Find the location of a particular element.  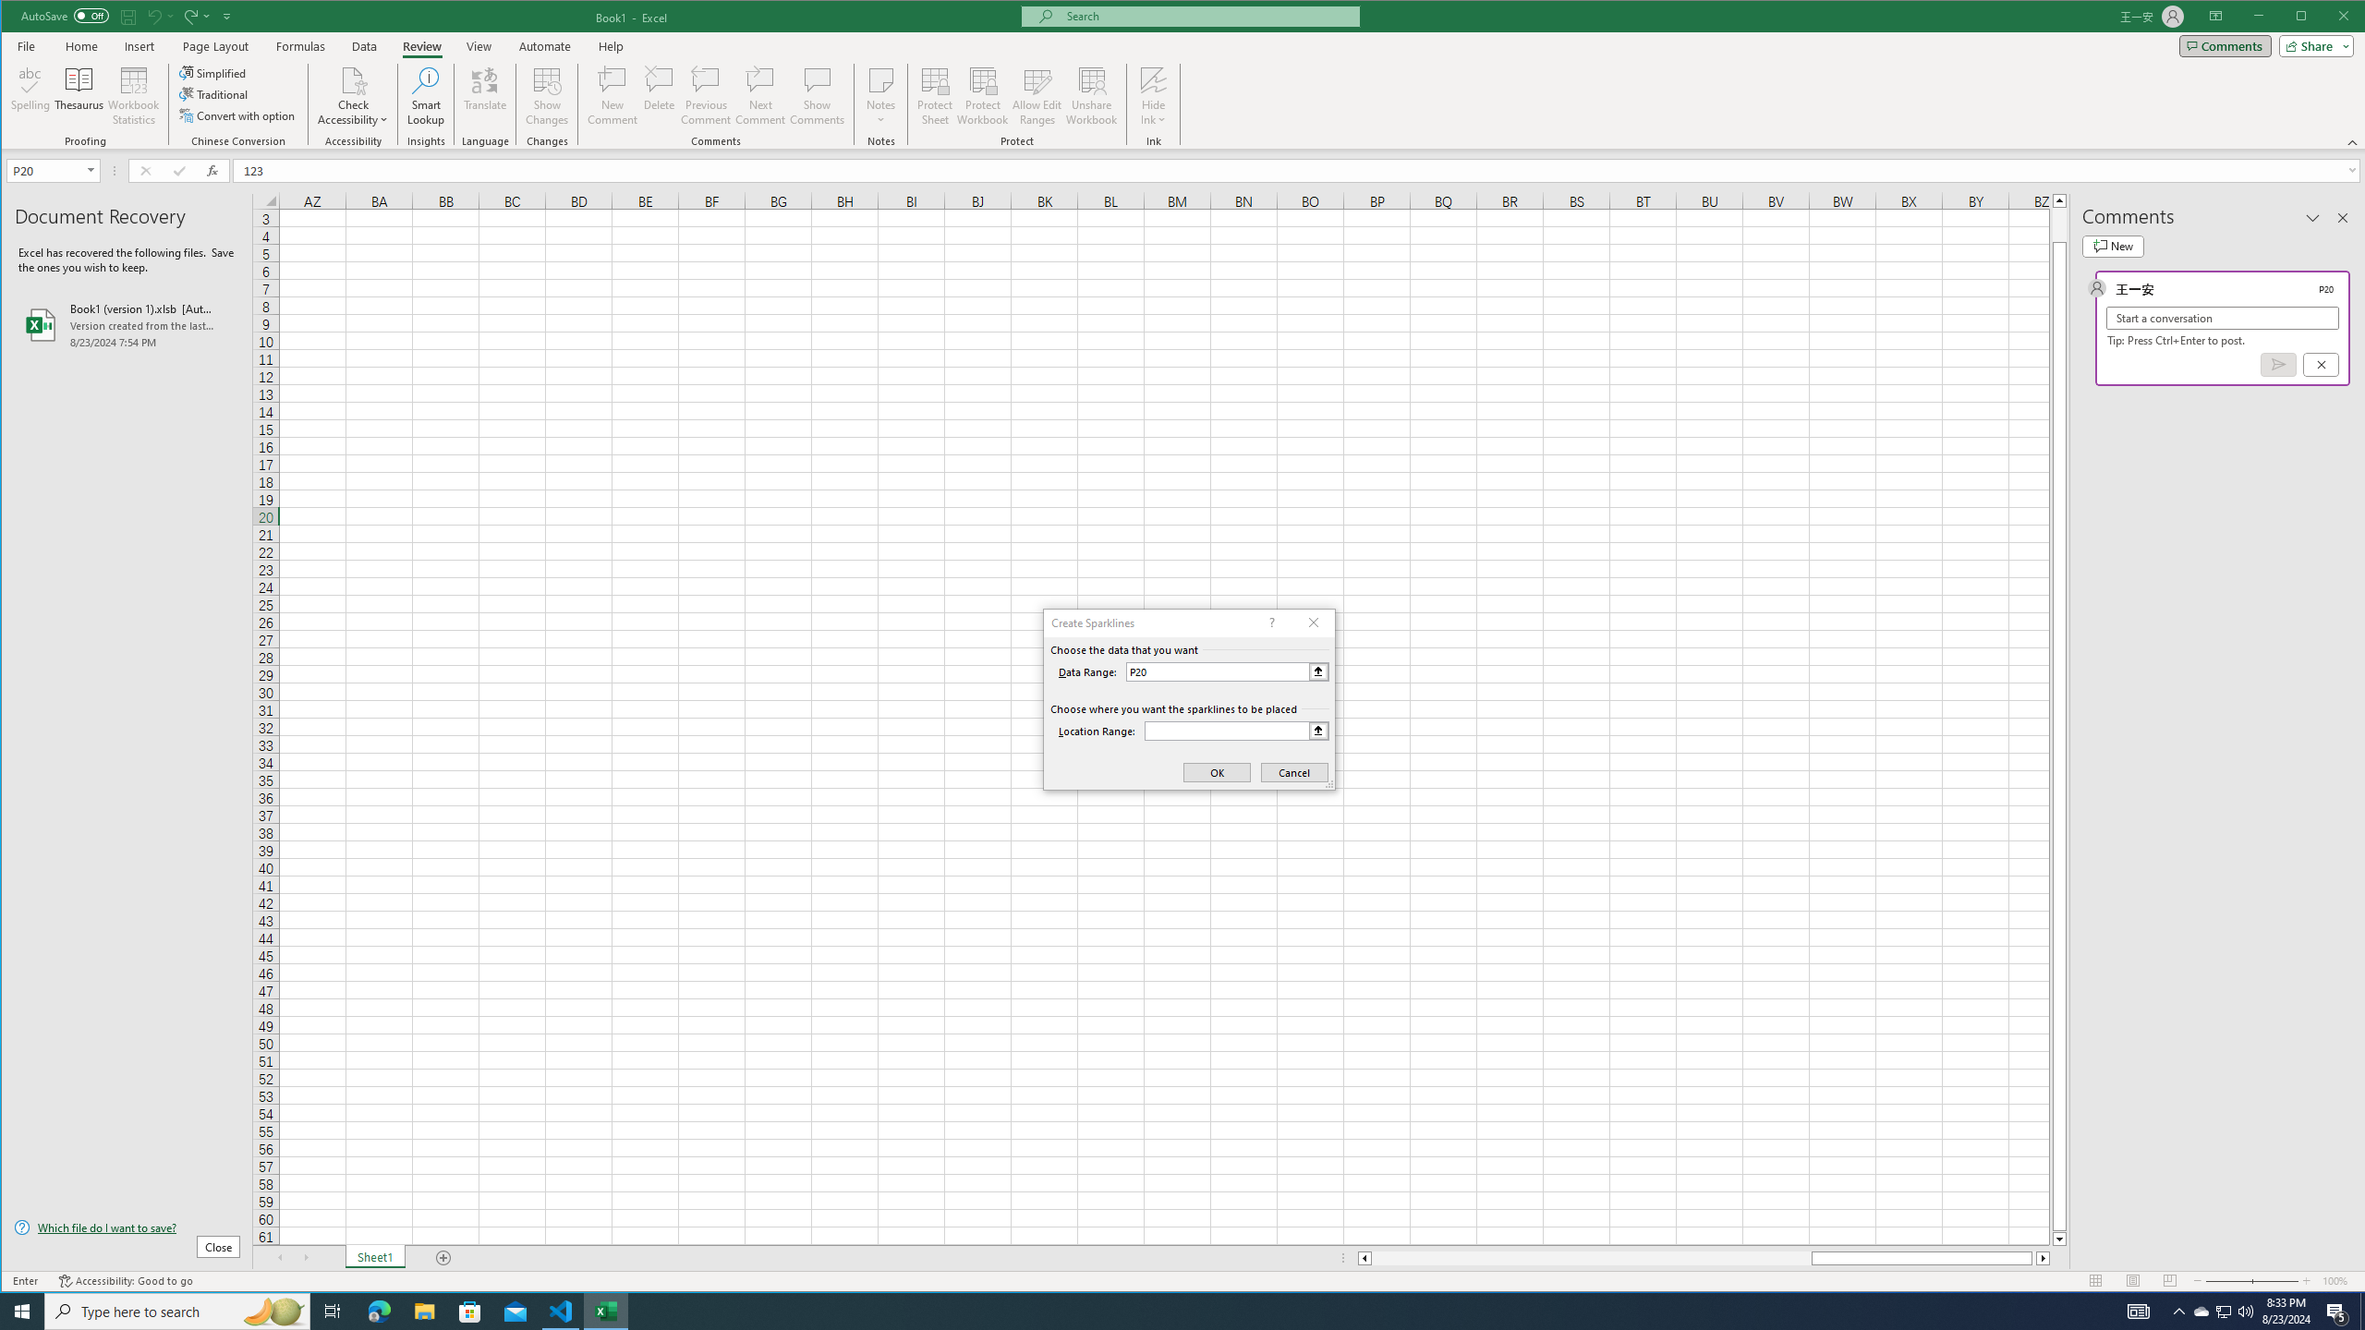

'Allow Edit Ranges' is located at coordinates (1036, 95).